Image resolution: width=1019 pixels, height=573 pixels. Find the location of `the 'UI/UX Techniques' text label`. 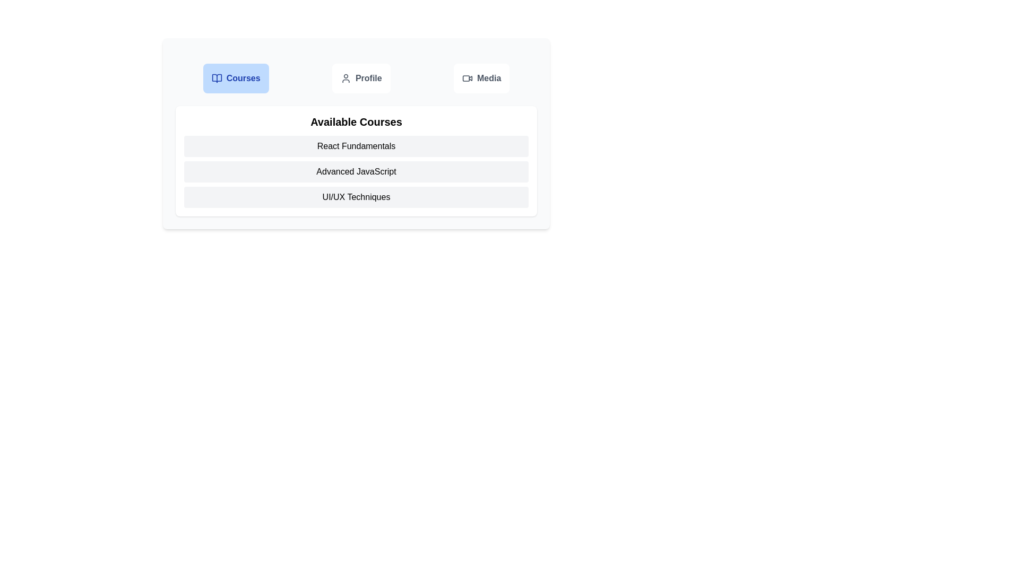

the 'UI/UX Techniques' text label is located at coordinates (356, 197).